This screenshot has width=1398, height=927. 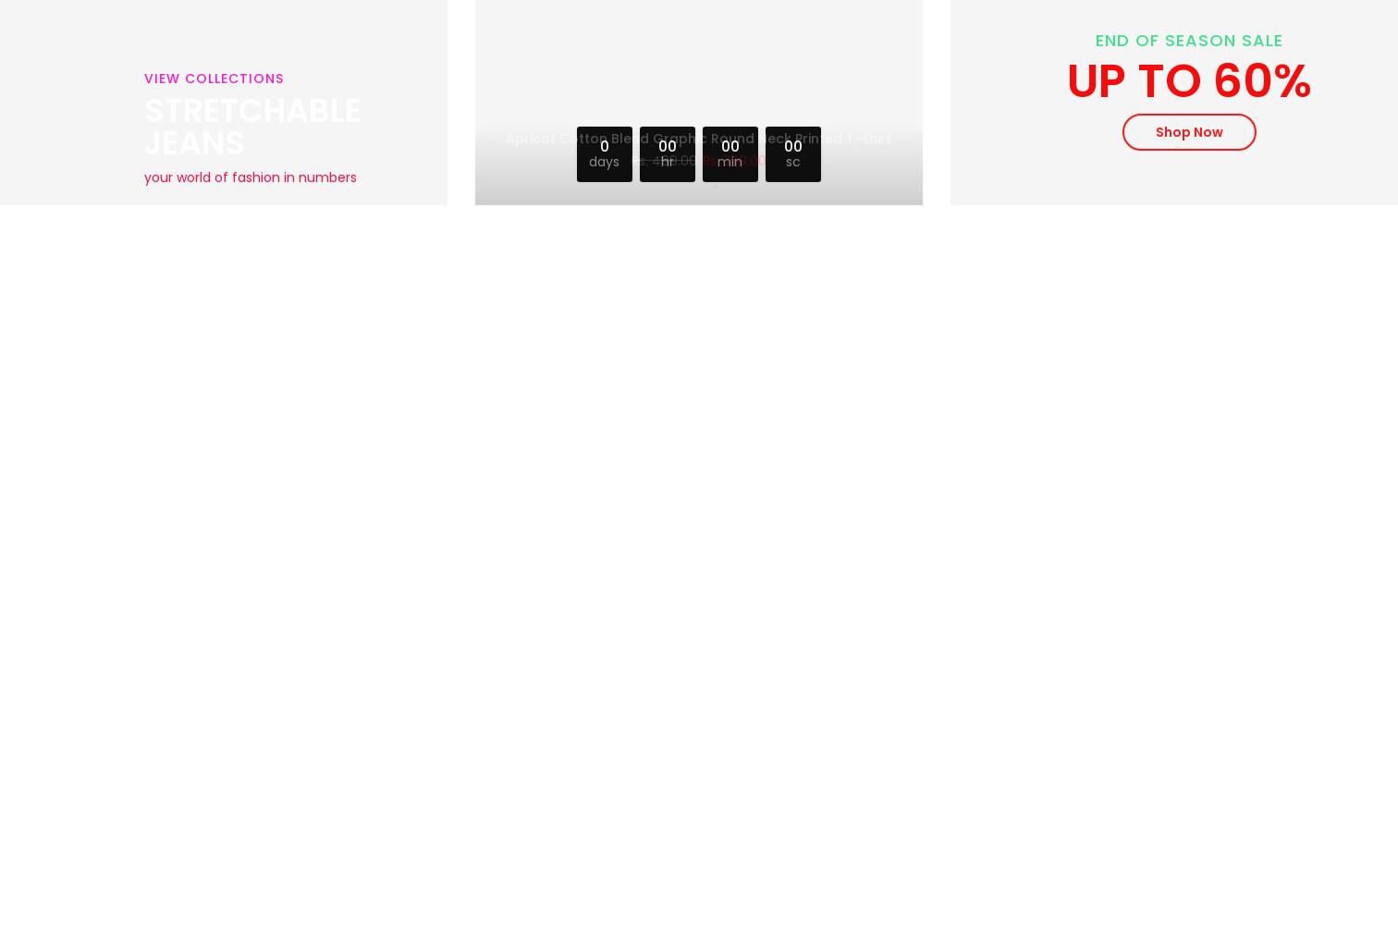 What do you see at coordinates (732, 155) in the screenshot?
I see `'Rs. 399.00'` at bounding box center [732, 155].